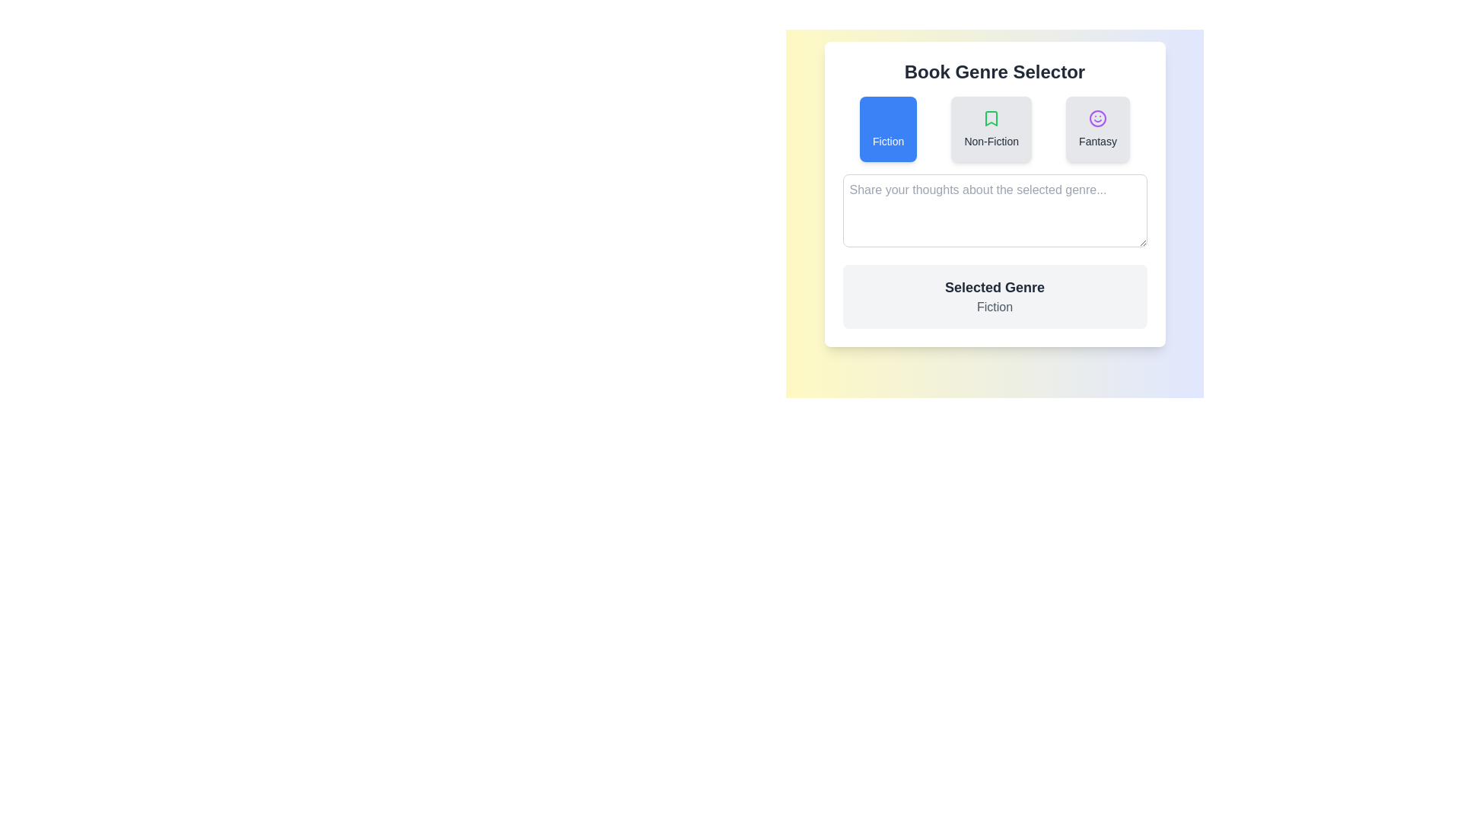  What do you see at coordinates (1098, 117) in the screenshot?
I see `the outline of the smiley face icon within the 'Fantasy' button located in the upper-right corner of the 'Book Genre Selector' card` at bounding box center [1098, 117].